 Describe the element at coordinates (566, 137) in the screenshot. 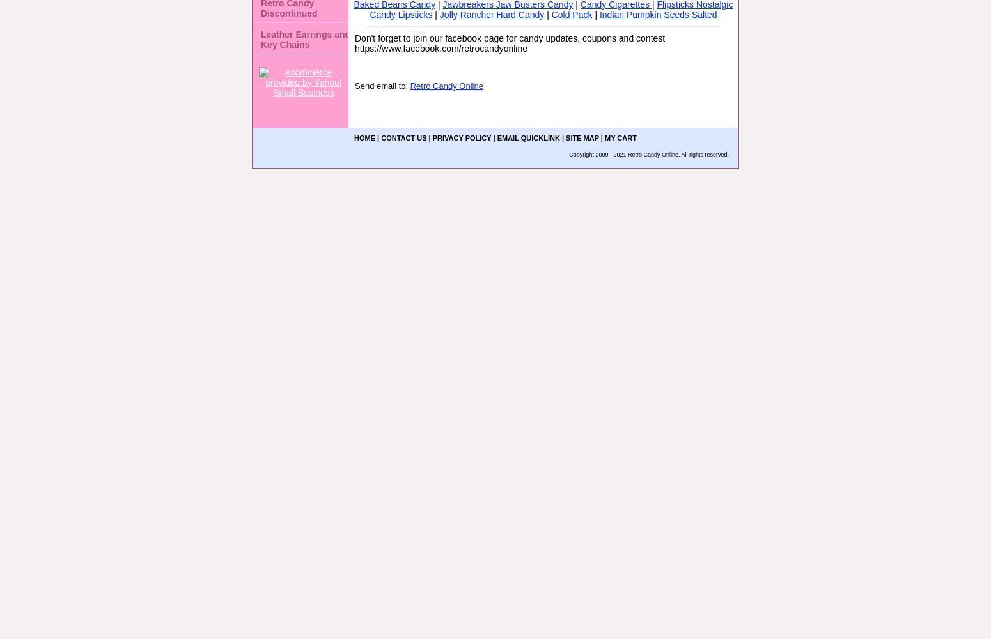

I see `'Site Map'` at that location.